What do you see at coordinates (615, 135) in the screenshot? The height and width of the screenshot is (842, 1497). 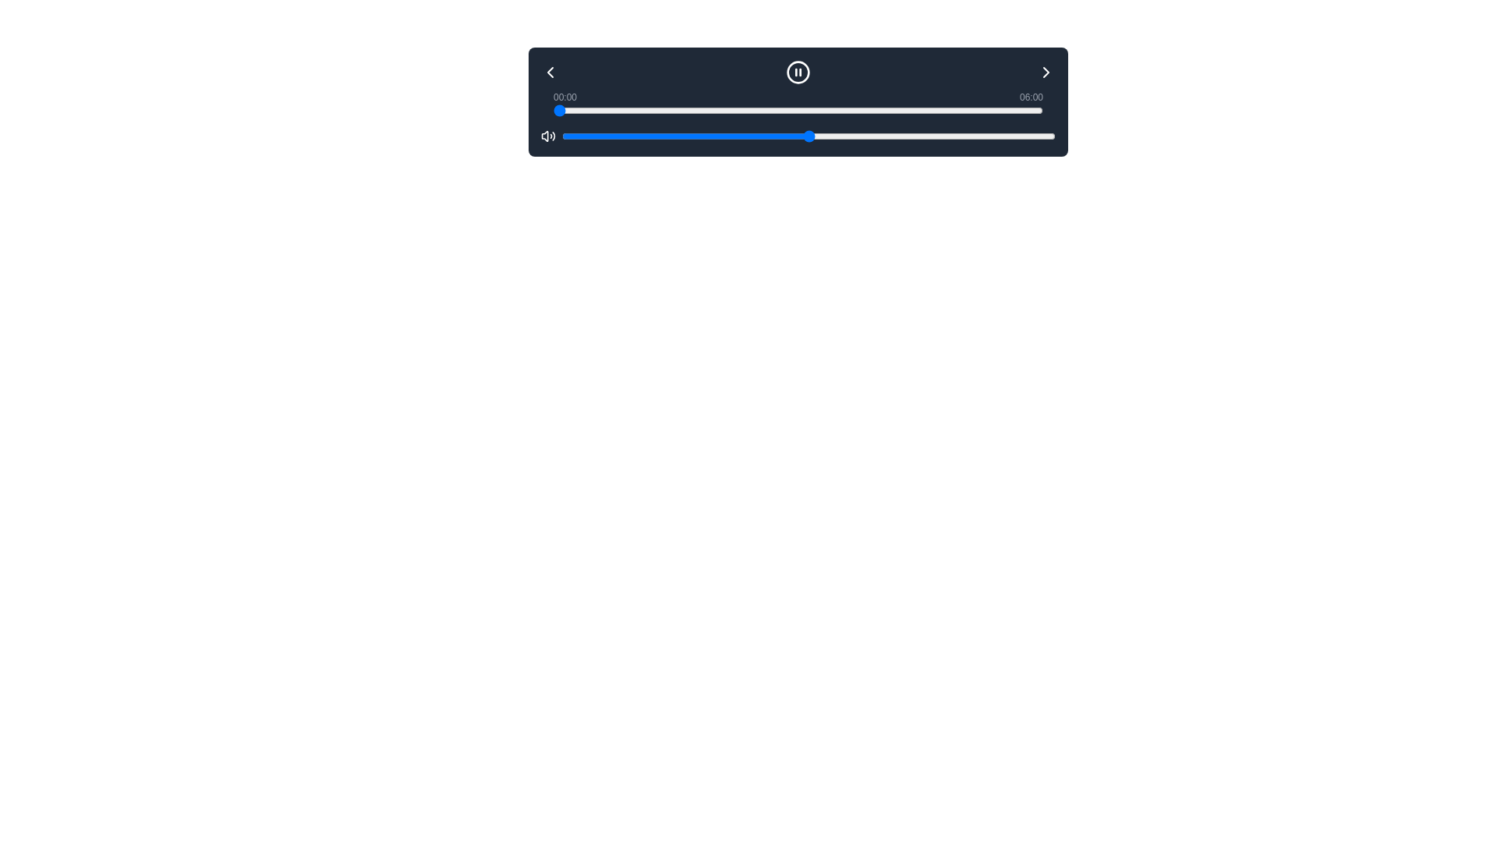 I see `the slider` at bounding box center [615, 135].